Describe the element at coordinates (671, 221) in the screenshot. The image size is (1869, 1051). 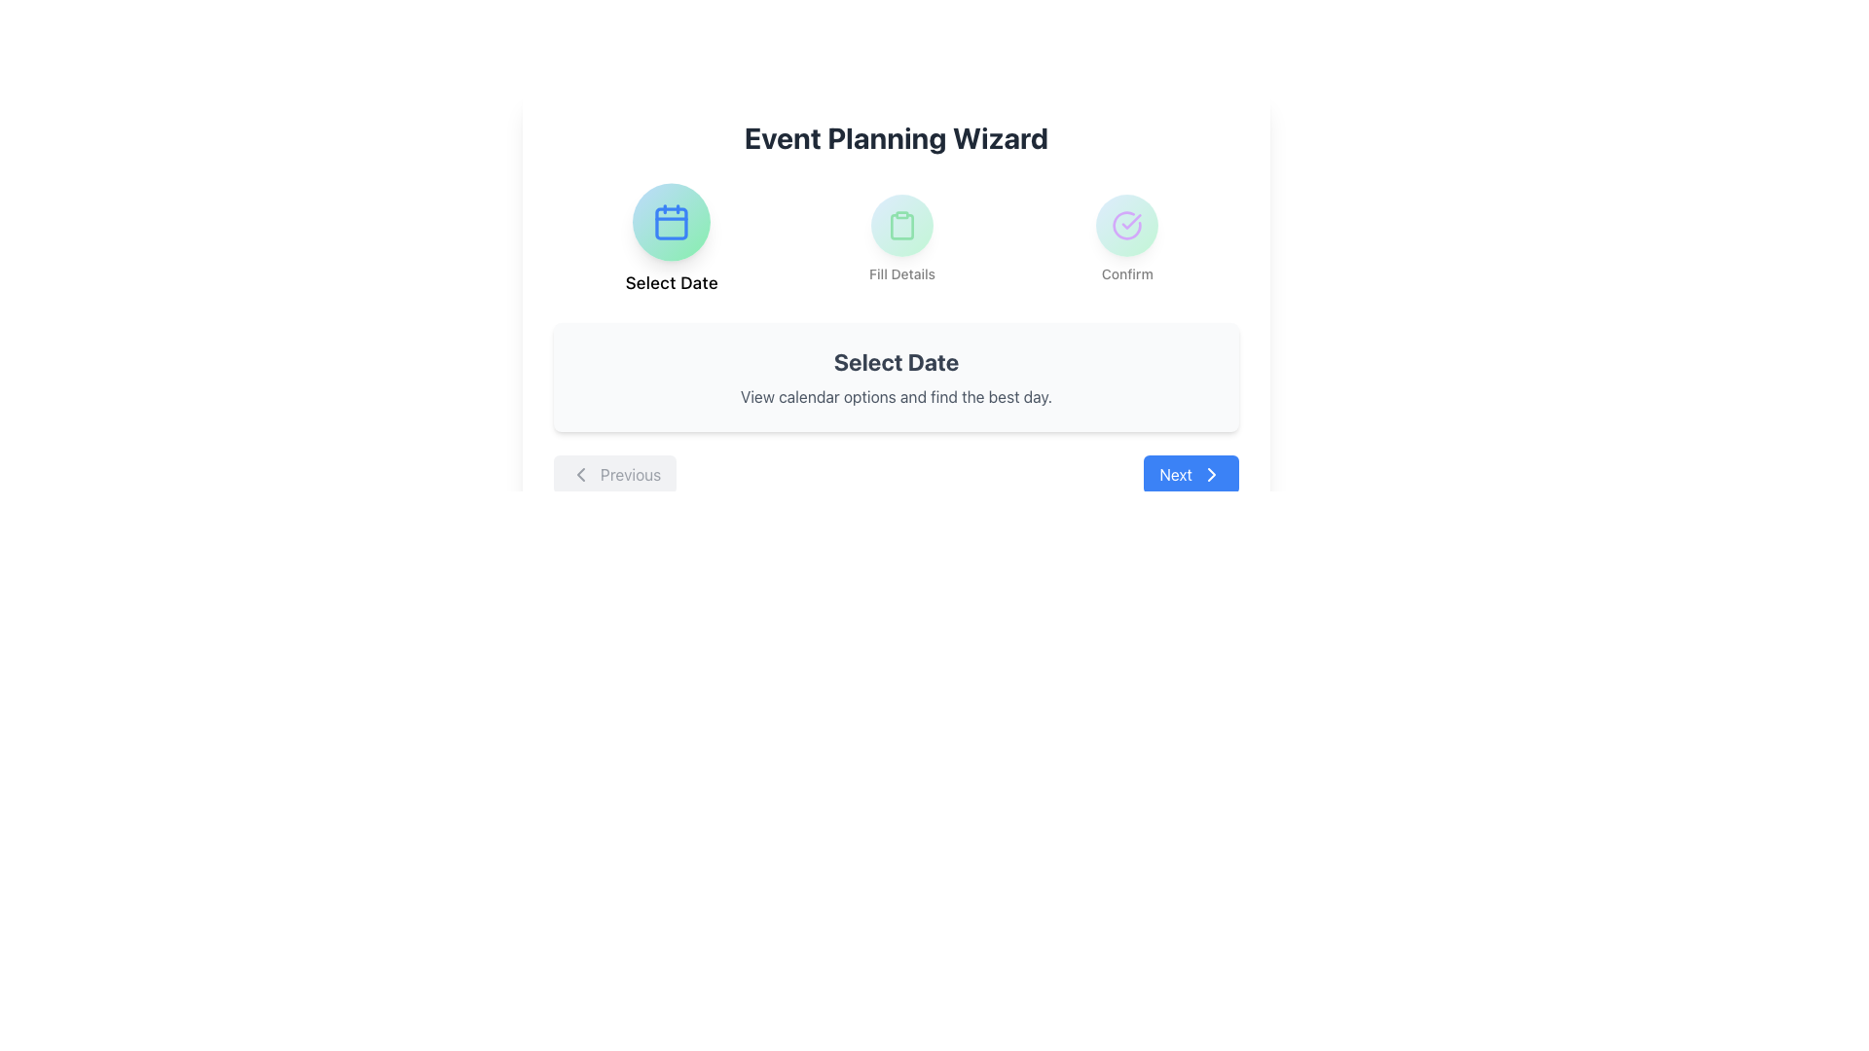
I see `the 'Select Date' icon located on the leftmost side of the horizontal row of icons under the header 'Event Planning Wizard'` at that location.